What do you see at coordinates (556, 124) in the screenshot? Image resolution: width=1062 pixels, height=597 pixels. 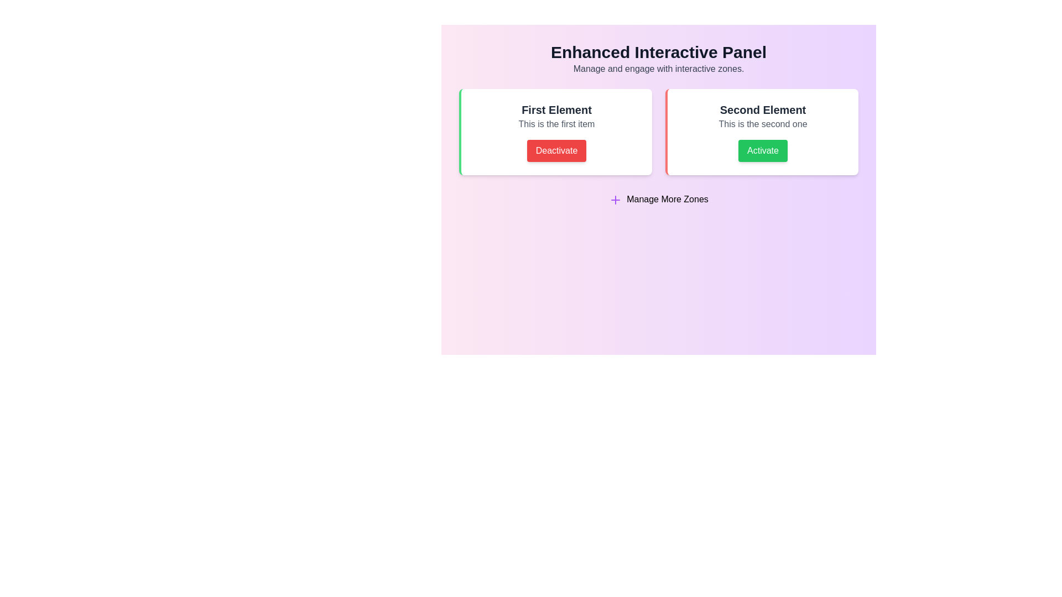 I see `the informational text element located at the center of the left card, which is the second text element beneath the heading 'First Element'` at bounding box center [556, 124].